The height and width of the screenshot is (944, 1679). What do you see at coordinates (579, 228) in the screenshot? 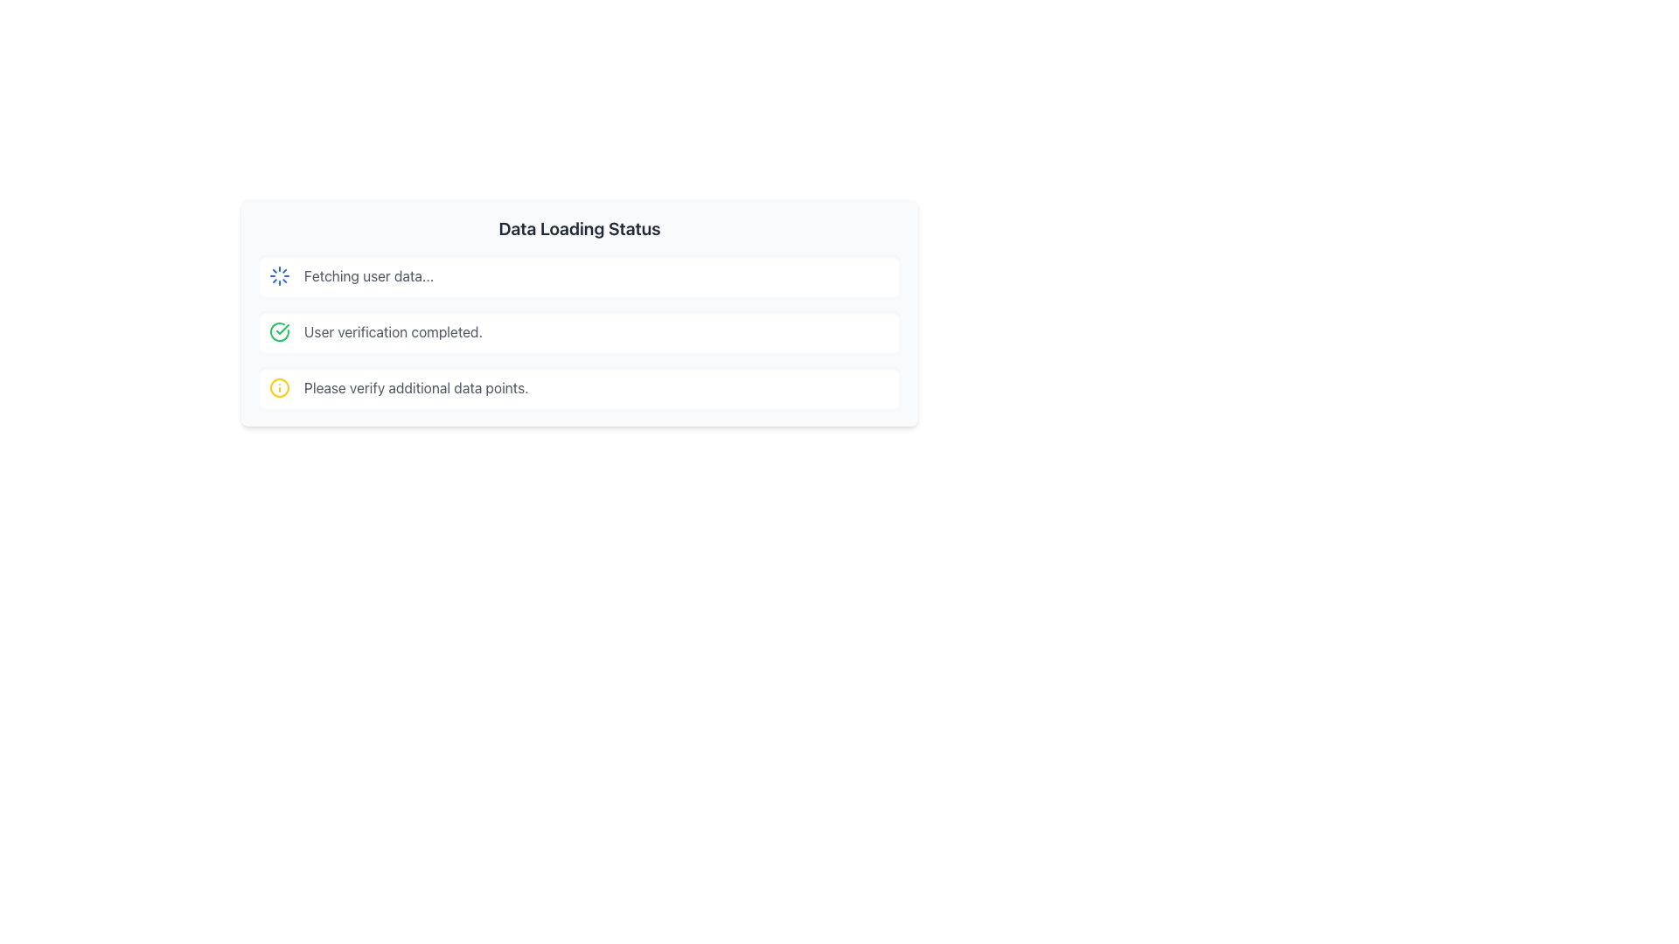
I see `the heading text element that indicates the current state of information presented, located centrally above the content list items` at bounding box center [579, 228].